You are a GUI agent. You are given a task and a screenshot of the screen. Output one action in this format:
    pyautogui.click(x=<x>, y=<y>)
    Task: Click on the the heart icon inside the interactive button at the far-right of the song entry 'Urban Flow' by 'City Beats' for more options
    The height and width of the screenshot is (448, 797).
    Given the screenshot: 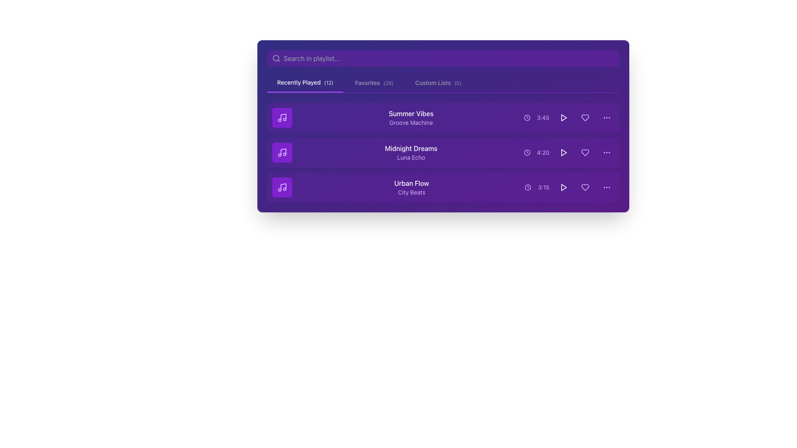 What is the action you would take?
    pyautogui.click(x=584, y=187)
    